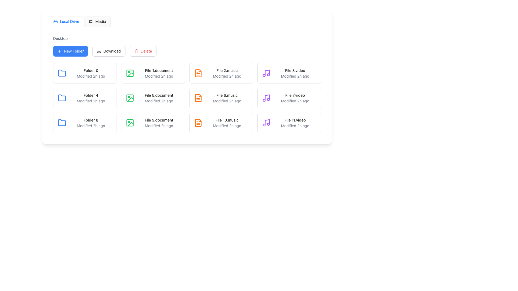 This screenshot has width=518, height=291. Describe the element at coordinates (62, 98) in the screenshot. I see `the blue folder icon located in the 'Desktop' section, specifically to the left of the text 'Folder 4 Modified 2h ago'` at that location.